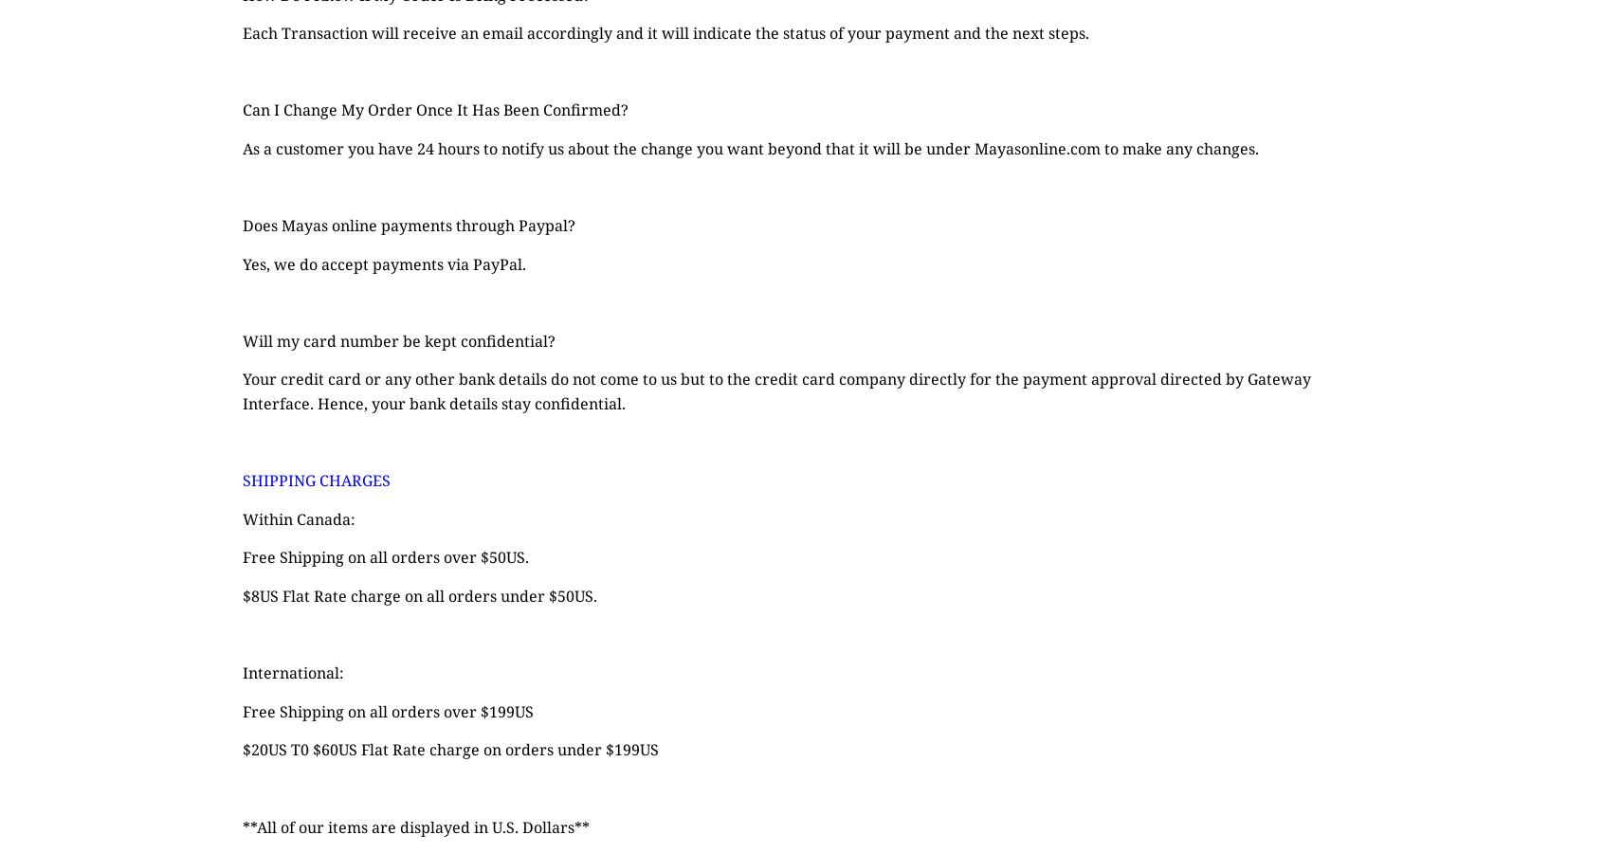  I want to click on 'Free Shipping on all orders over $199US', so click(242, 709).